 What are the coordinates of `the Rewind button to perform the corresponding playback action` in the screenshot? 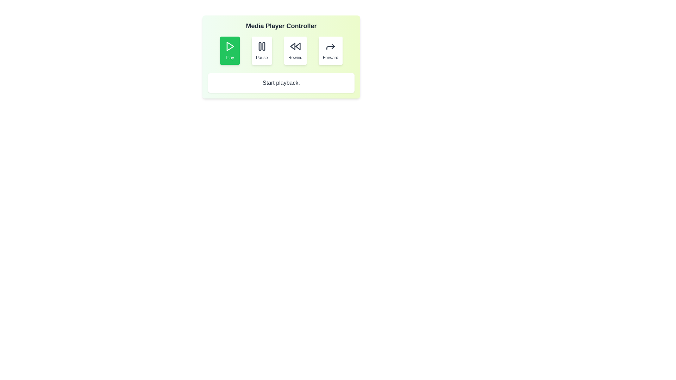 It's located at (295, 50).